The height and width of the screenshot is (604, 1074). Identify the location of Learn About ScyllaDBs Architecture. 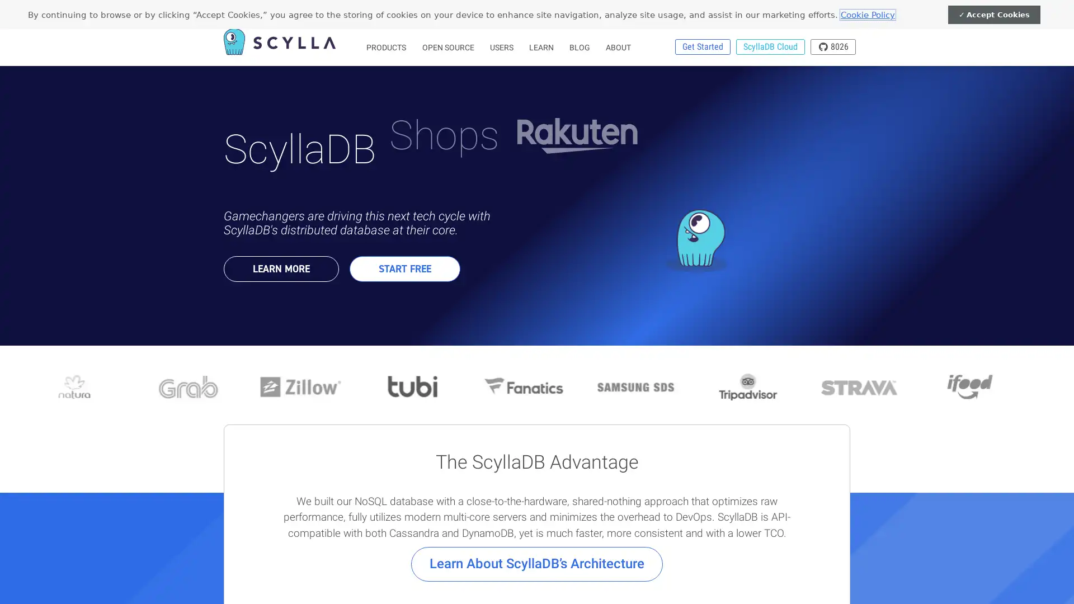
(537, 564).